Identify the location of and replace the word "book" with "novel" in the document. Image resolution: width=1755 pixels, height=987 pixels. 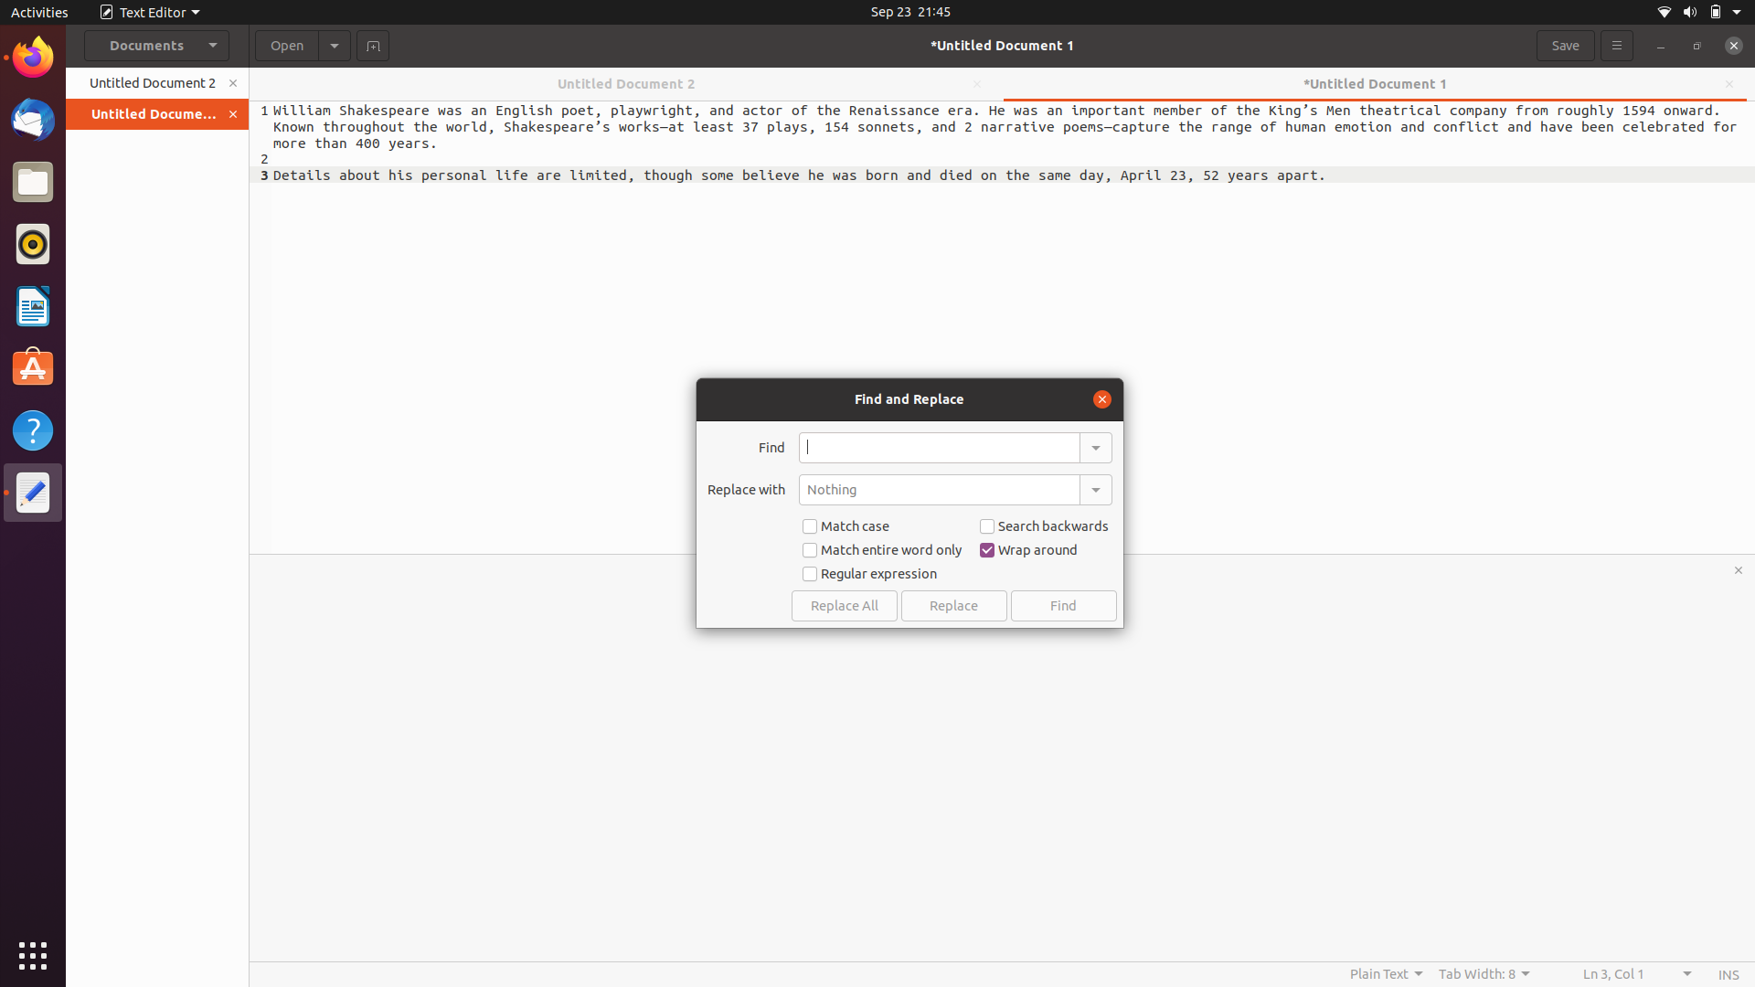
(939, 447).